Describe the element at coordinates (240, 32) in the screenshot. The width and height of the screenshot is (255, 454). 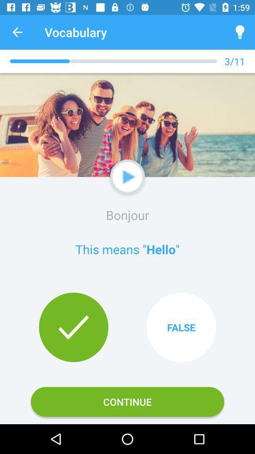
I see `the button at the top right of the page` at that location.